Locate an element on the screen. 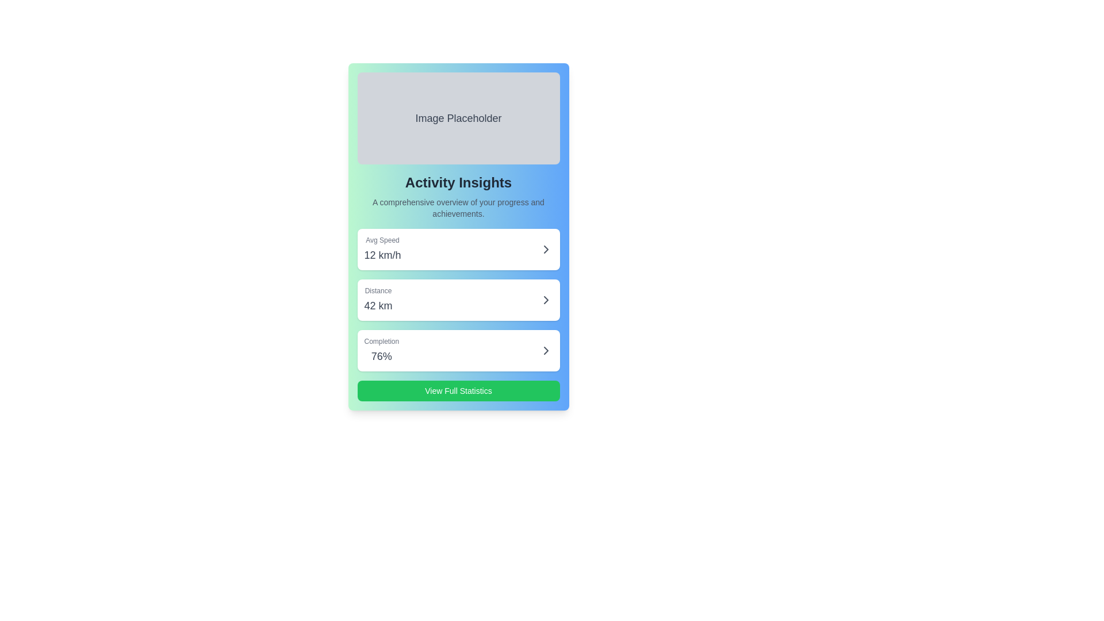 Image resolution: width=1104 pixels, height=621 pixels. the right-pointing chevron icon in the 'Completion' section is located at coordinates (545, 350).